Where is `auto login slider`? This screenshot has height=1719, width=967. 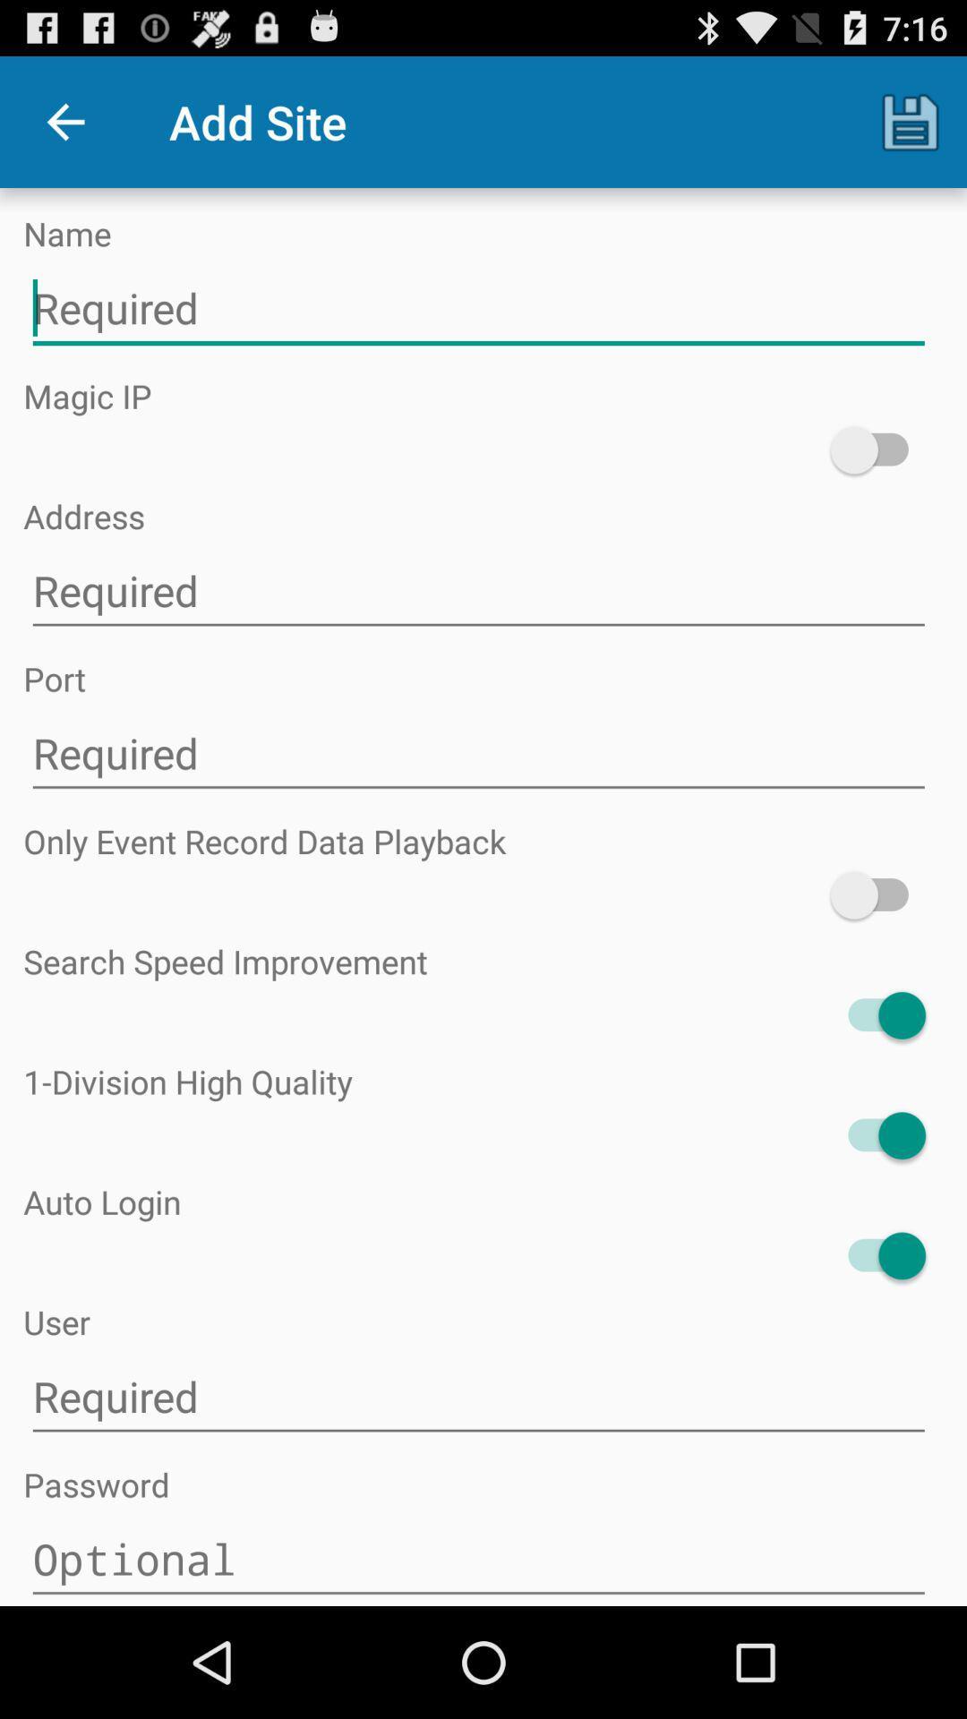
auto login slider is located at coordinates (877, 1254).